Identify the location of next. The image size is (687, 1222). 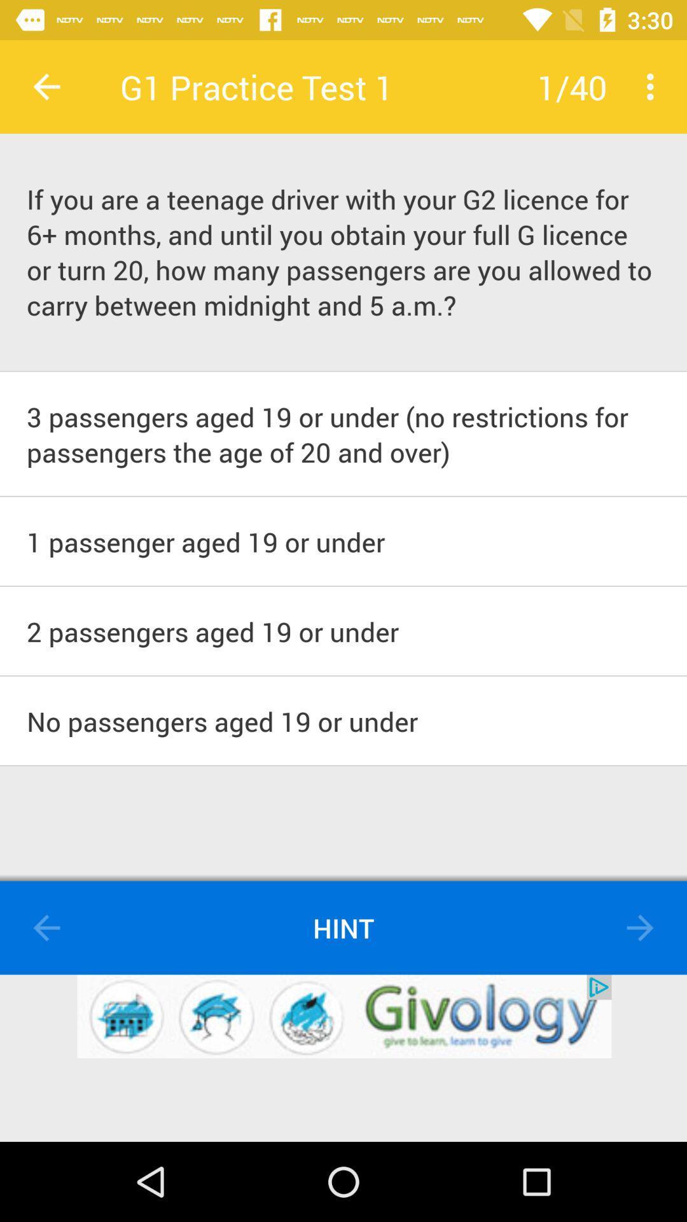
(640, 928).